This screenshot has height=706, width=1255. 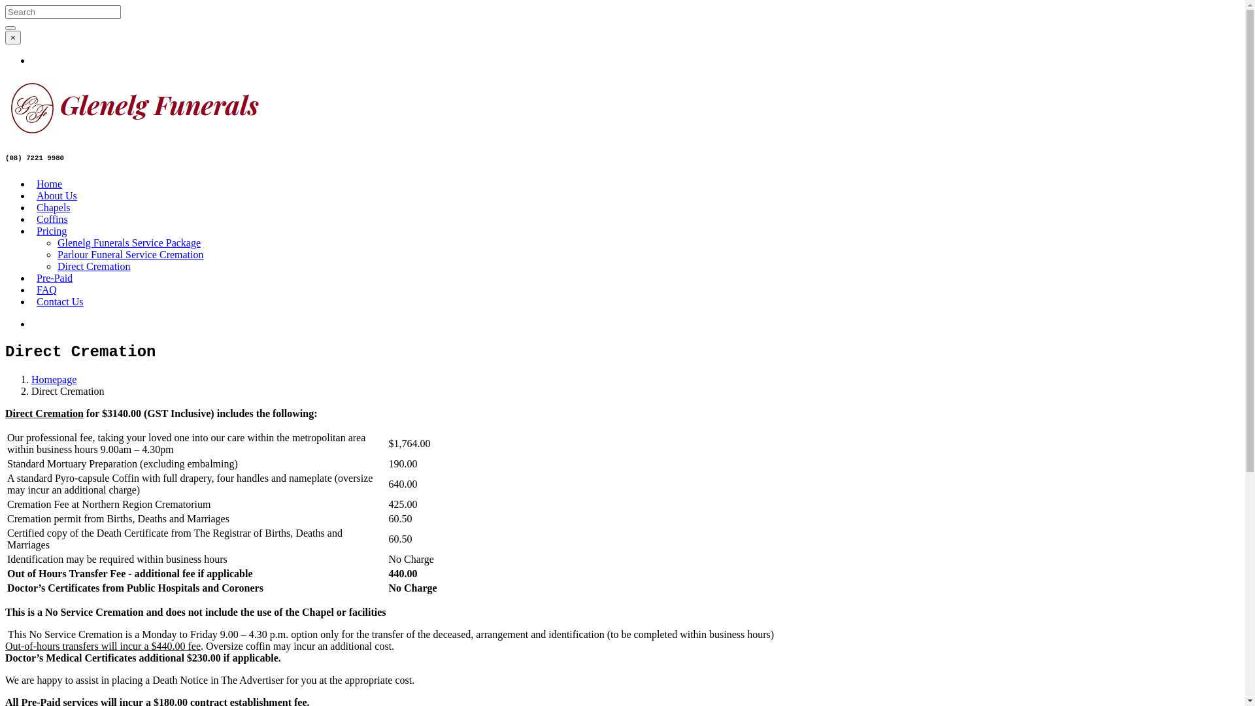 I want to click on 'Home', so click(x=49, y=184).